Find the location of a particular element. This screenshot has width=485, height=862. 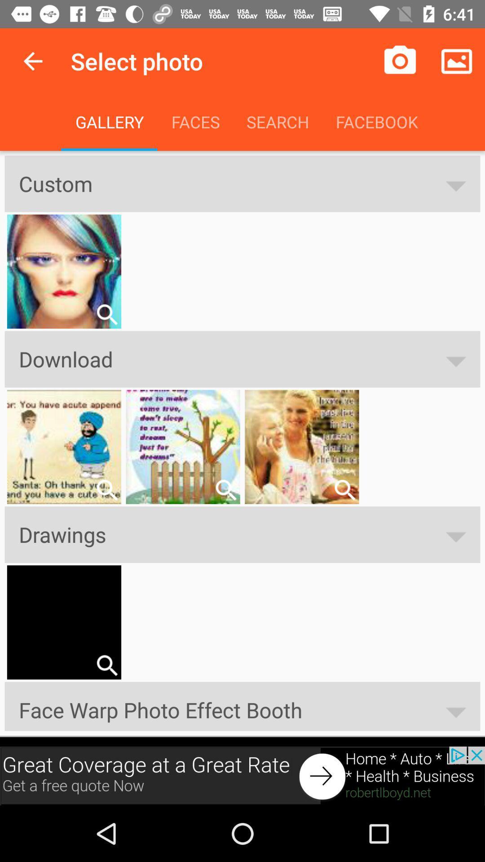

expand the image is located at coordinates (106, 665).